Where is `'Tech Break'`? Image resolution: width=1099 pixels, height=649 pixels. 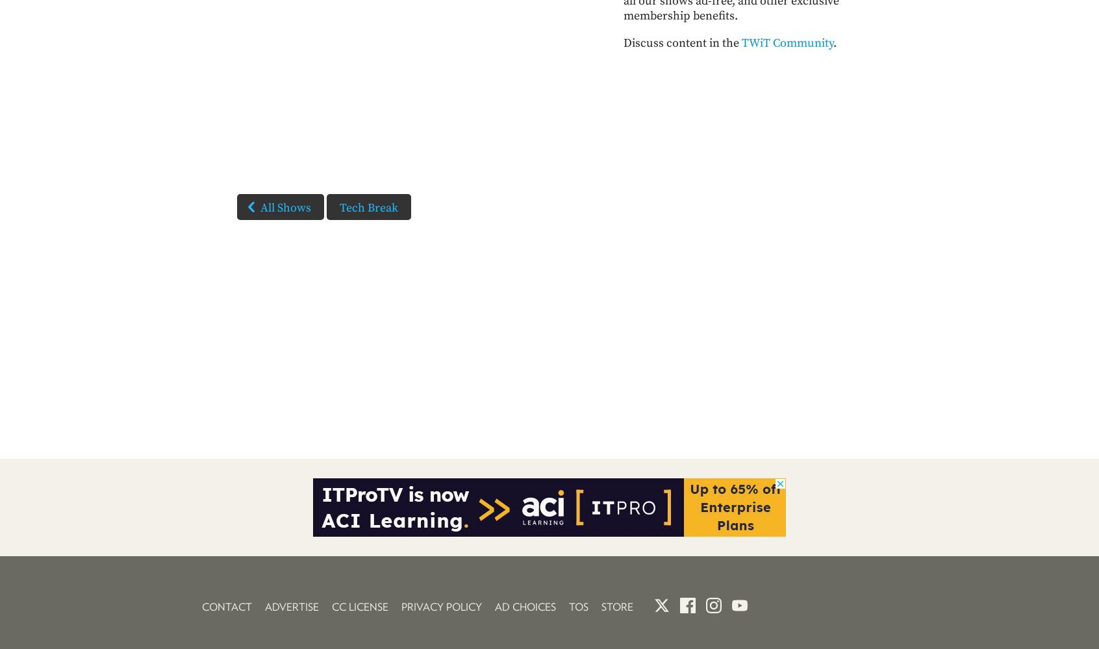 'Tech Break' is located at coordinates (339, 207).